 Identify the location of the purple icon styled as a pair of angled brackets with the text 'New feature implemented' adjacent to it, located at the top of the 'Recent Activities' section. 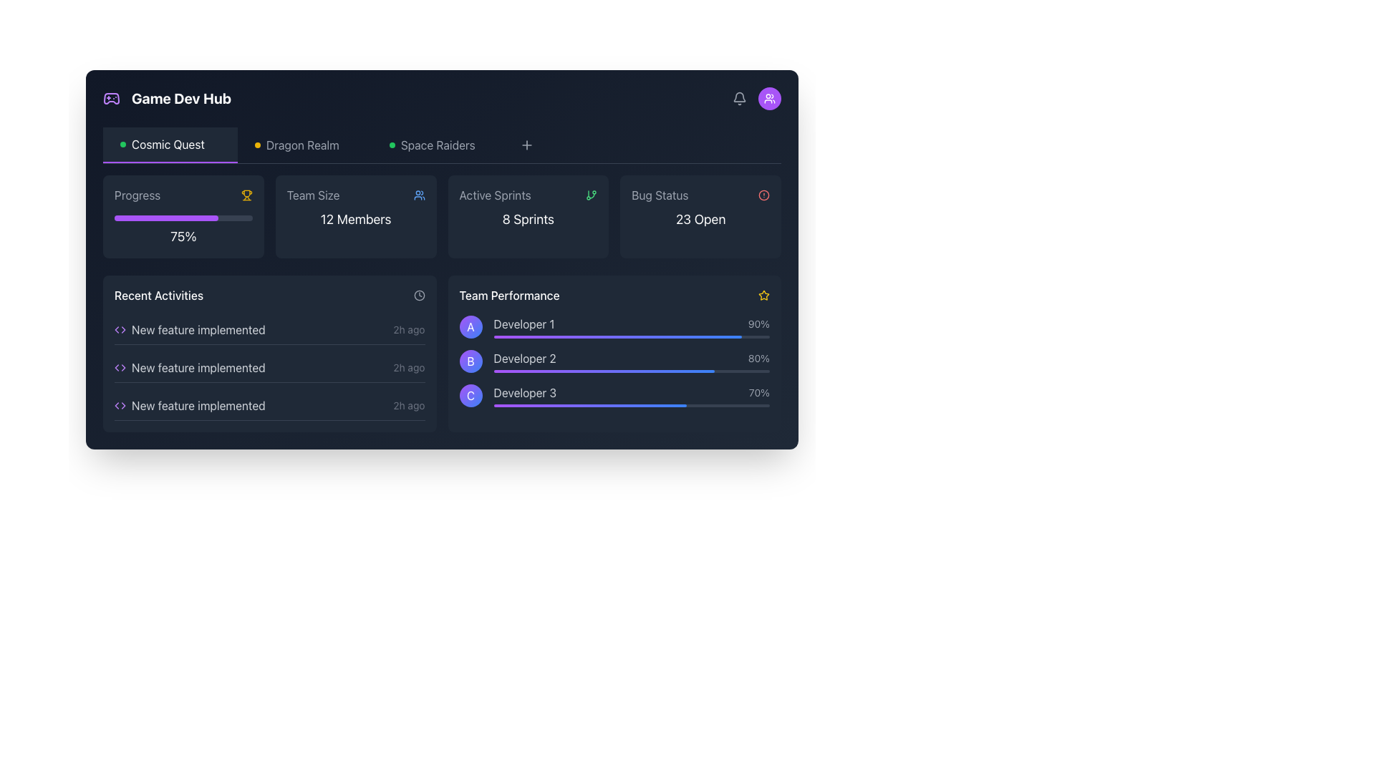
(120, 330).